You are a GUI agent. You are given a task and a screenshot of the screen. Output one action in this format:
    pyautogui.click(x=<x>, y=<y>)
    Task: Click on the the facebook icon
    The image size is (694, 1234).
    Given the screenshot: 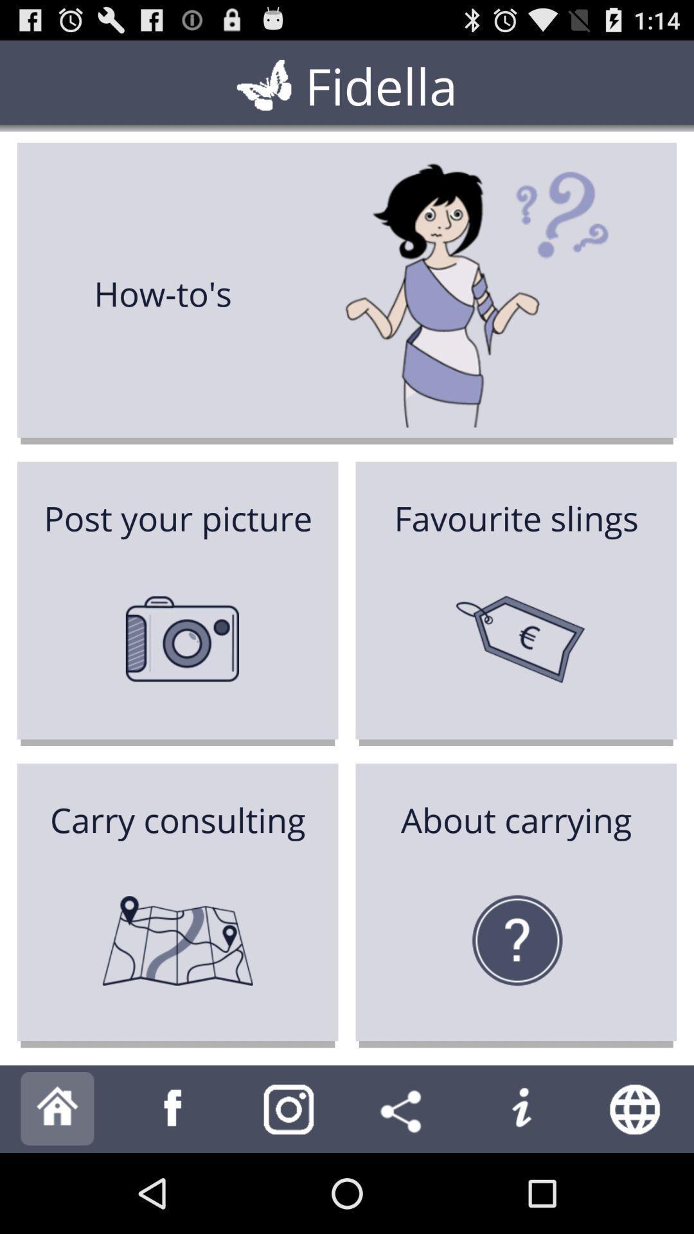 What is the action you would take?
    pyautogui.click(x=173, y=1186)
    